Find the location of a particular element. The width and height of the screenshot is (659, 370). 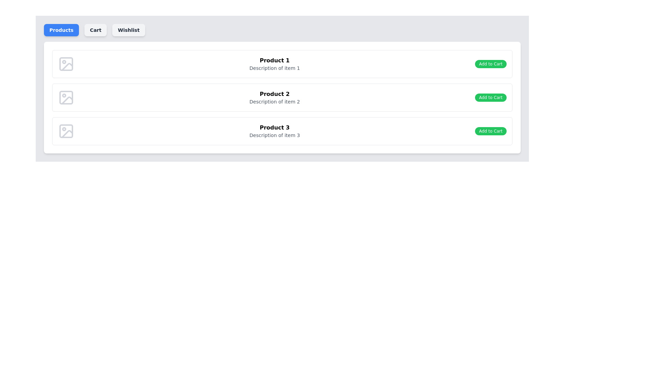

product information from the first product summary card, which is located at the top of a vertically-aligned list is located at coordinates (282, 64).